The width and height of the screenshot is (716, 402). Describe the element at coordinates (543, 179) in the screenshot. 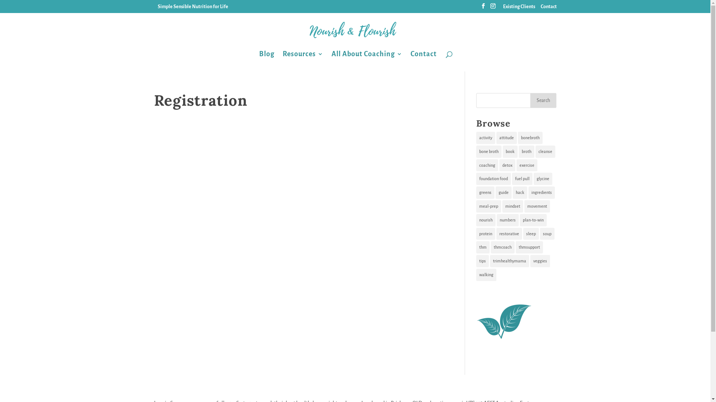

I see `'glycine'` at that location.